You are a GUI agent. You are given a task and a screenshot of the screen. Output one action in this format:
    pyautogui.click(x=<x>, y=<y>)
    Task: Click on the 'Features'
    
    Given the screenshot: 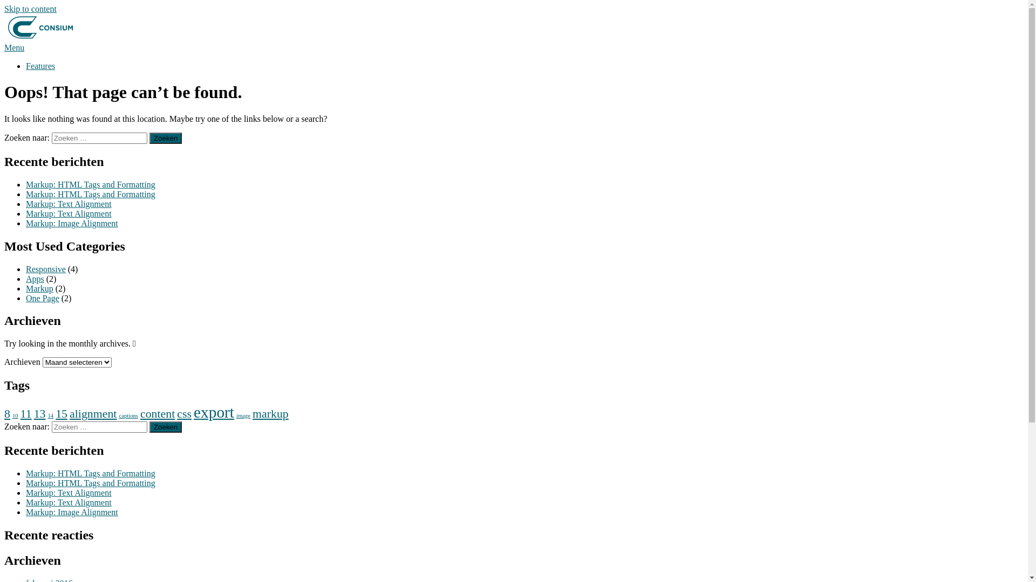 What is the action you would take?
    pyautogui.click(x=40, y=66)
    